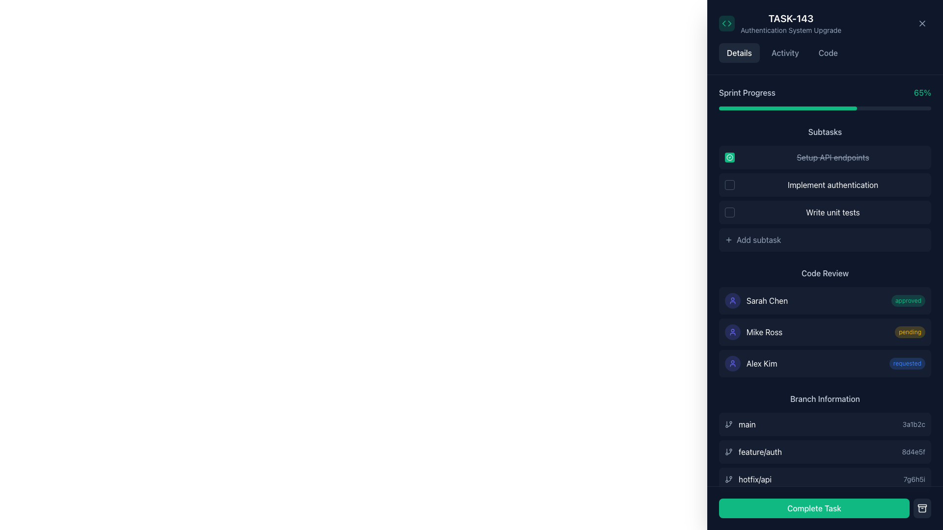 This screenshot has height=530, width=943. What do you see at coordinates (733, 300) in the screenshot?
I see `the circular Avatar or profile picture placeholder with a semi-transparent indigo background and a user silhouette icon, located to the left of the text 'Sarah Chen'` at bounding box center [733, 300].